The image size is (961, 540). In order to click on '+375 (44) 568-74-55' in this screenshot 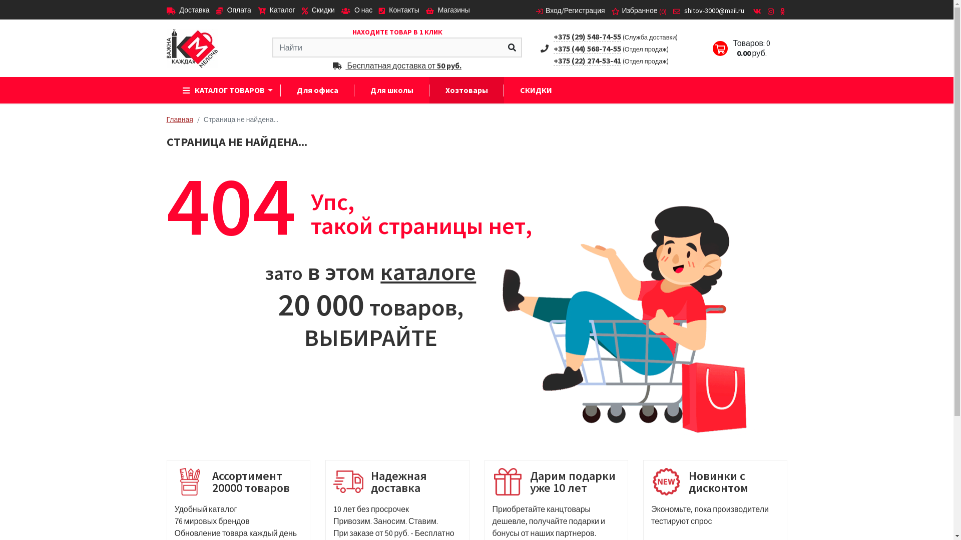, I will do `click(587, 48)`.